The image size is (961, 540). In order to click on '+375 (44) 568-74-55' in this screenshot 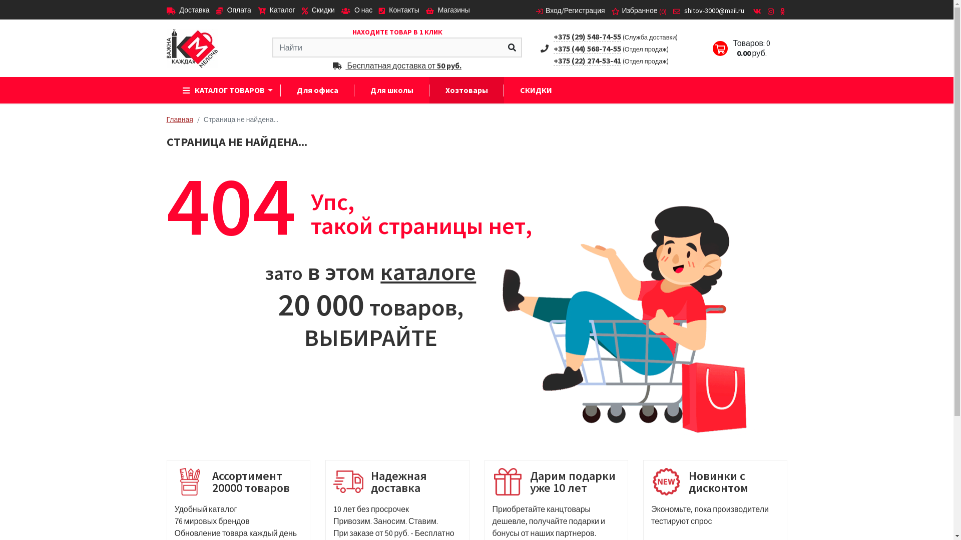, I will do `click(587, 48)`.